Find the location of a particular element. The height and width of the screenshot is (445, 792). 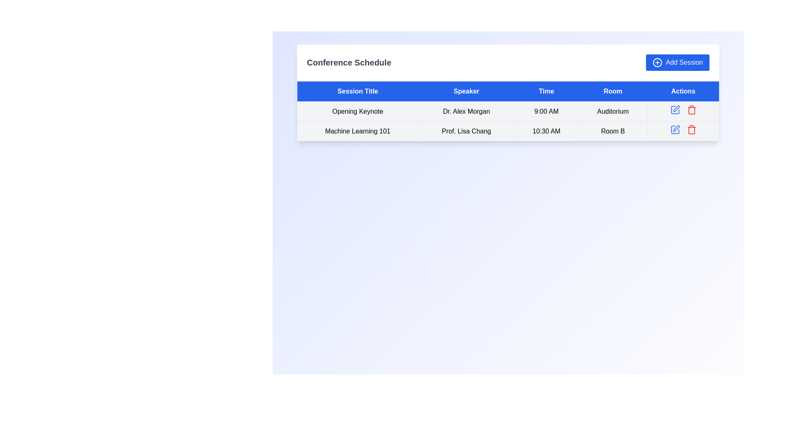

the delete button located in the action column of the second row of the table, which is positioned to the right of the blue edit icon is located at coordinates (691, 109).